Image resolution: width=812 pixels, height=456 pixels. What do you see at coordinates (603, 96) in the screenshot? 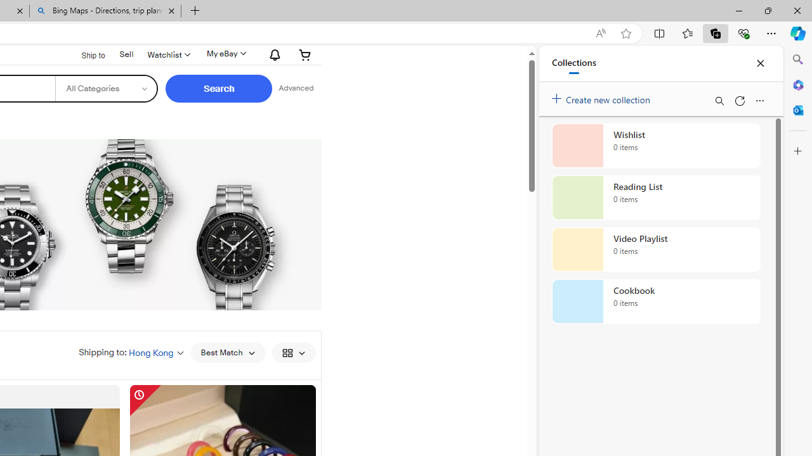
I see `'Create new collection'` at bounding box center [603, 96].